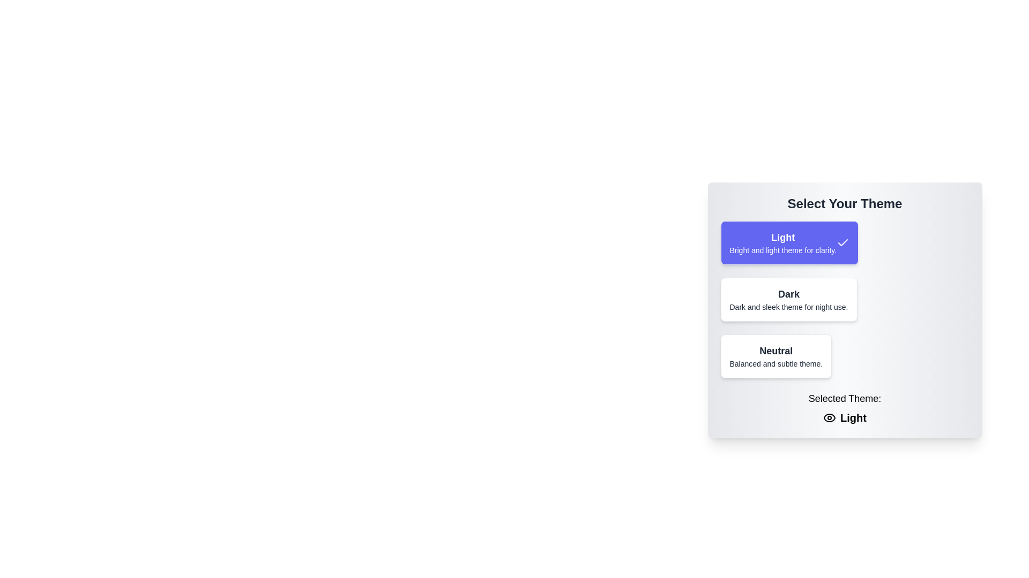 The height and width of the screenshot is (578, 1029). I want to click on the Selectable Card with Text that allows the user to choose a neutral theme for the application, located to the right center of the interface as the third card in a vertical arrangement, so click(776, 356).